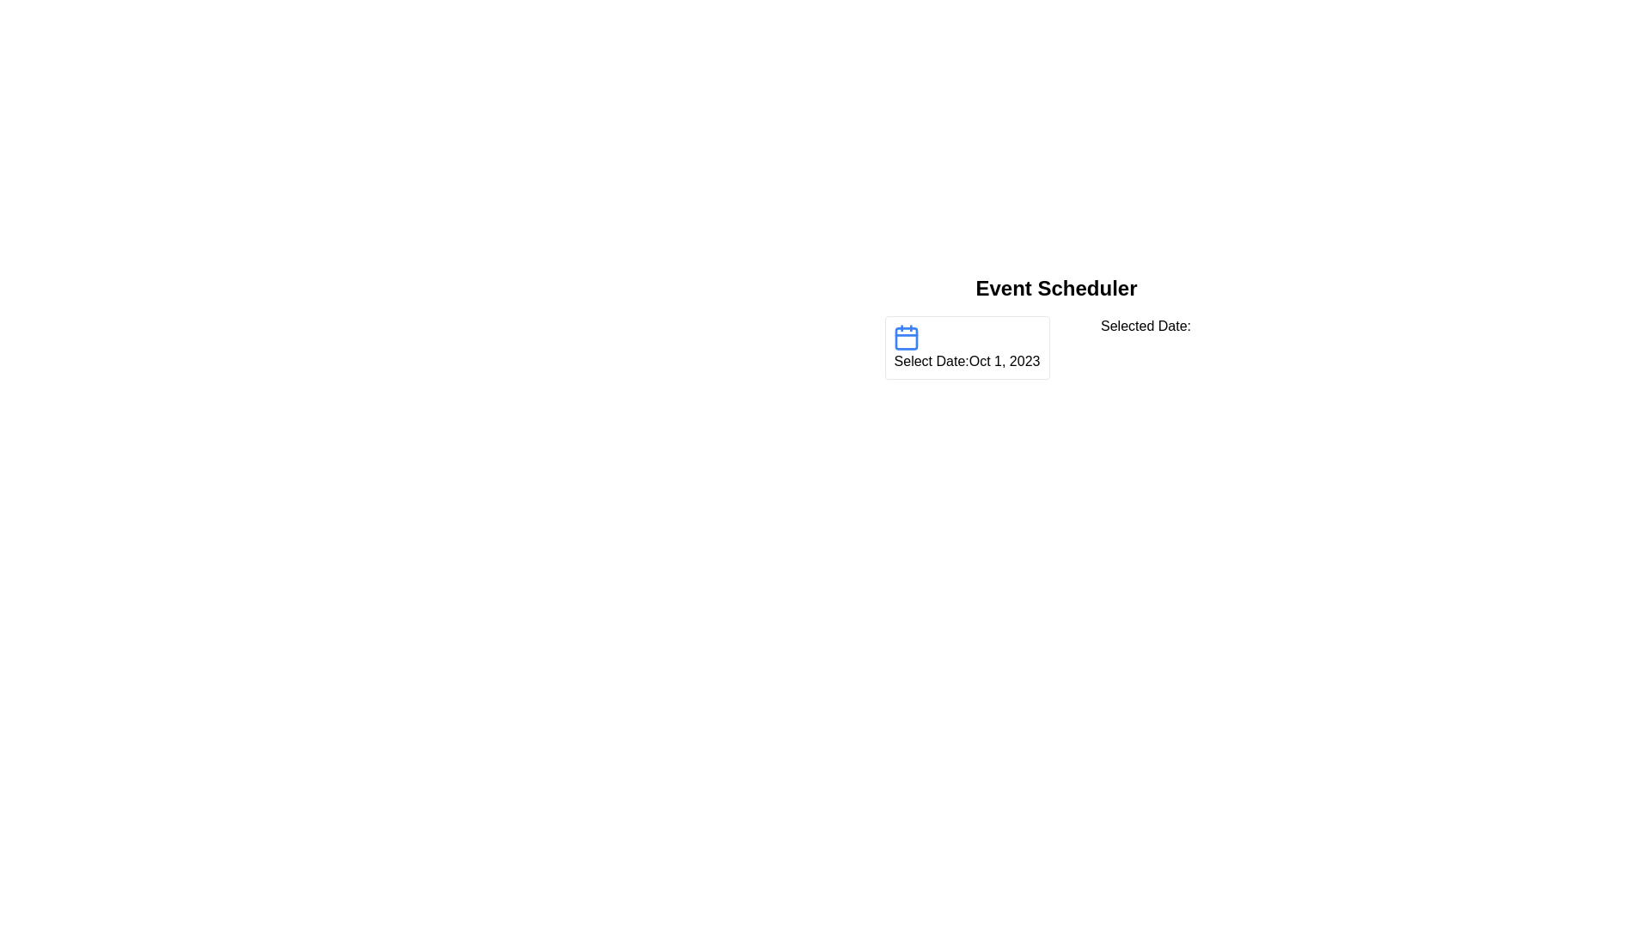  What do you see at coordinates (905, 339) in the screenshot?
I see `the rectangle with rounded corners that is part of the calendar icon, which is white with a blue border` at bounding box center [905, 339].